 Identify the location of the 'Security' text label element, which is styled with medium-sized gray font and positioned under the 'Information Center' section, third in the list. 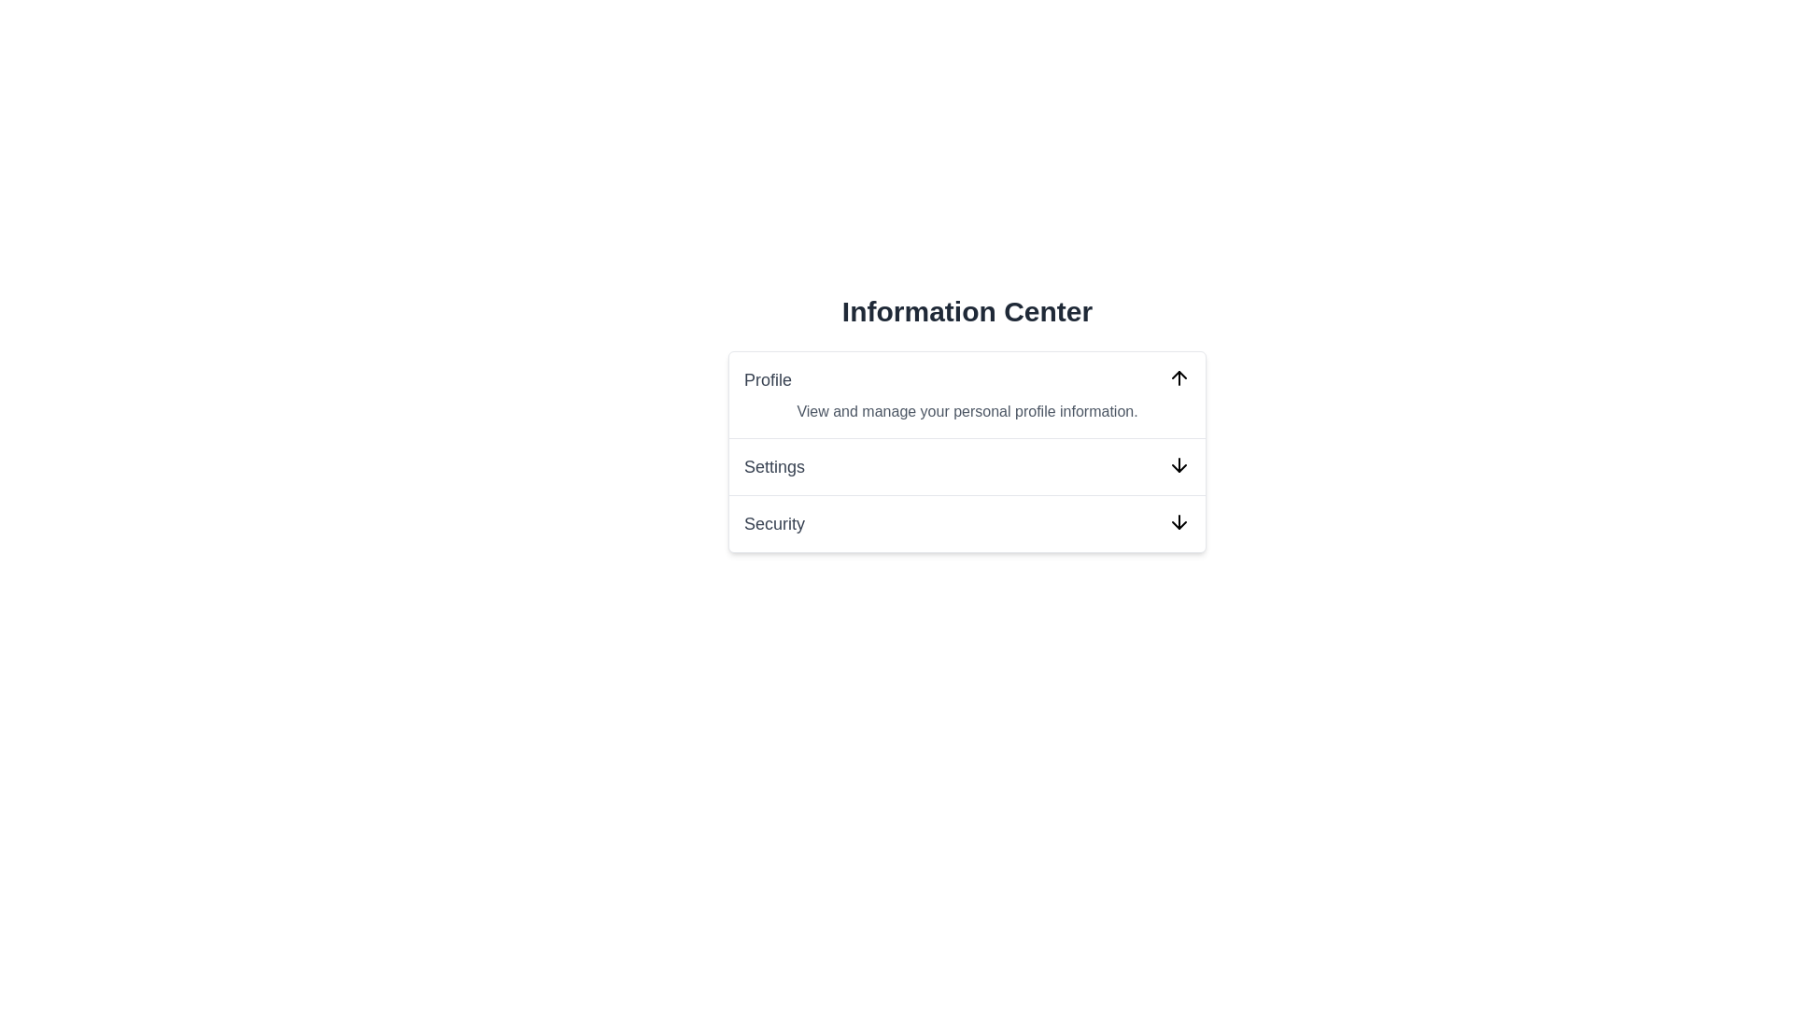
(774, 523).